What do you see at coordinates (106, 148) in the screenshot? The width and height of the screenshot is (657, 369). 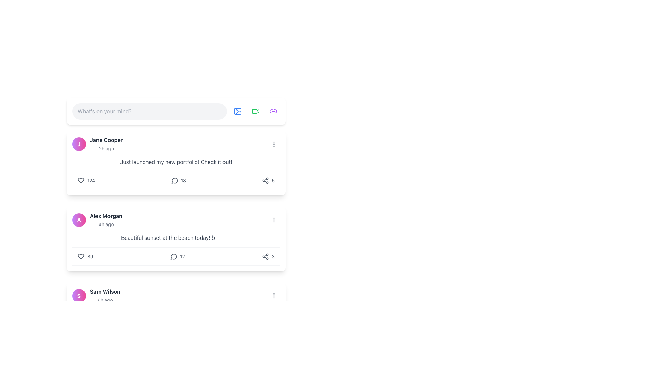 I see `timestamp displayed to the right of 'Jane Cooper' in the user activity card, which shows the elapsed time since the user activity occurred` at bounding box center [106, 148].